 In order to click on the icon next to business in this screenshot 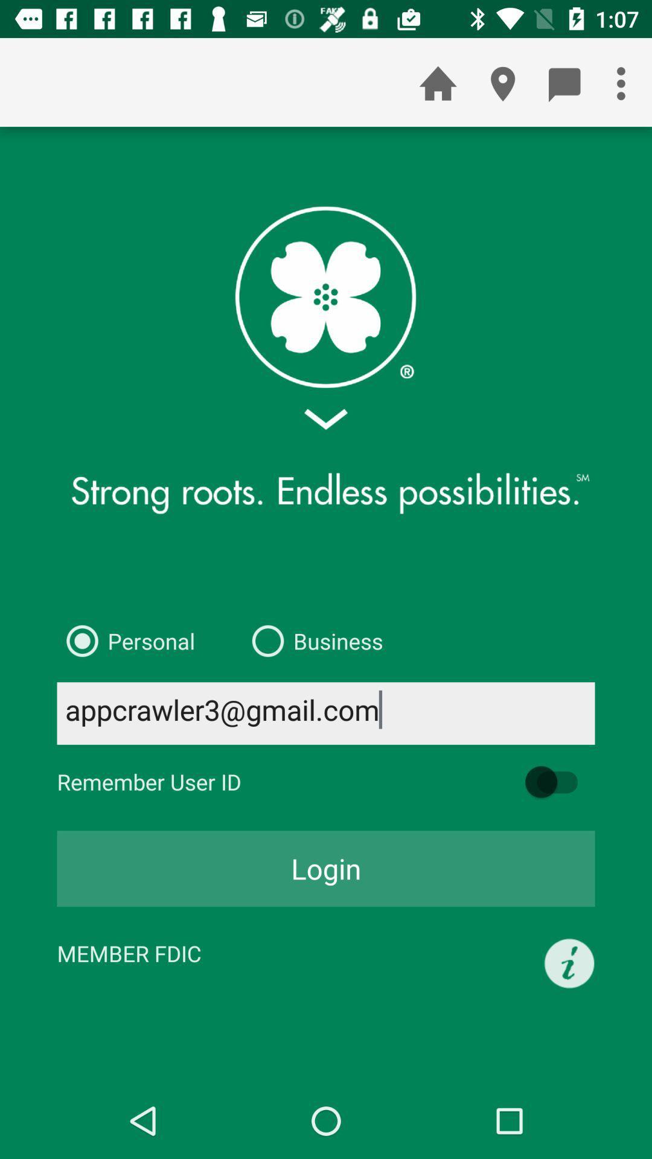, I will do `click(126, 640)`.